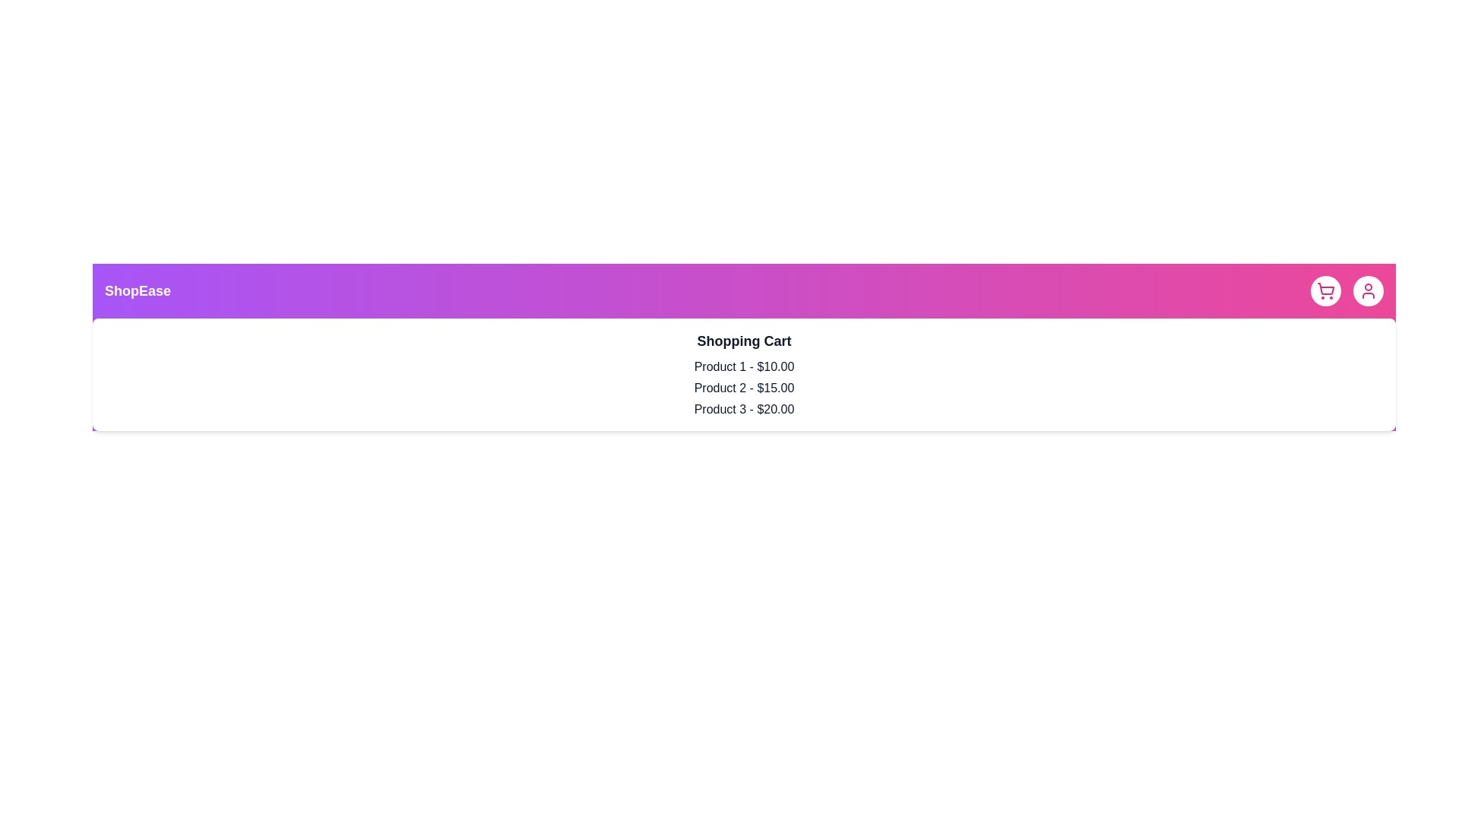 The image size is (1459, 821). What do you see at coordinates (1368, 290) in the screenshot?
I see `the user profile button` at bounding box center [1368, 290].